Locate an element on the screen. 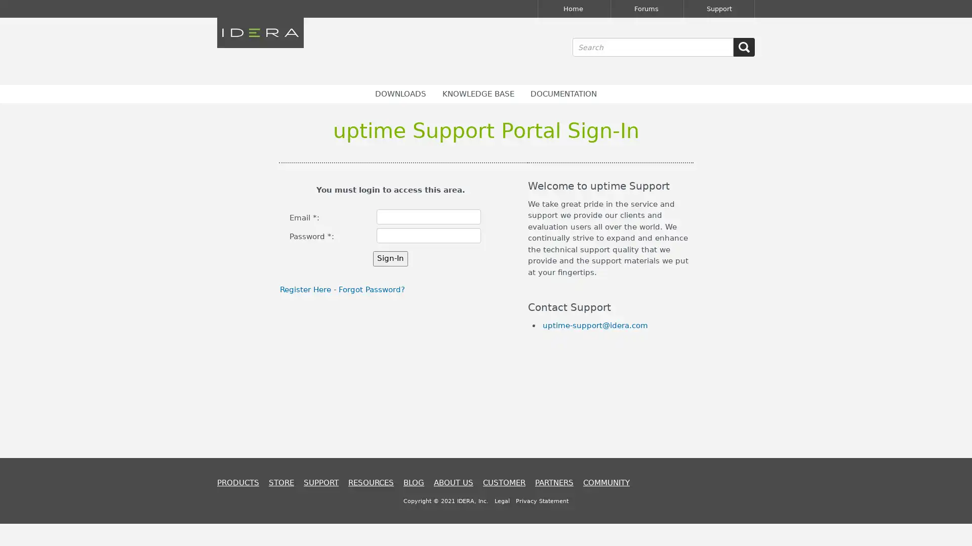  SEARCH is located at coordinates (744, 47).